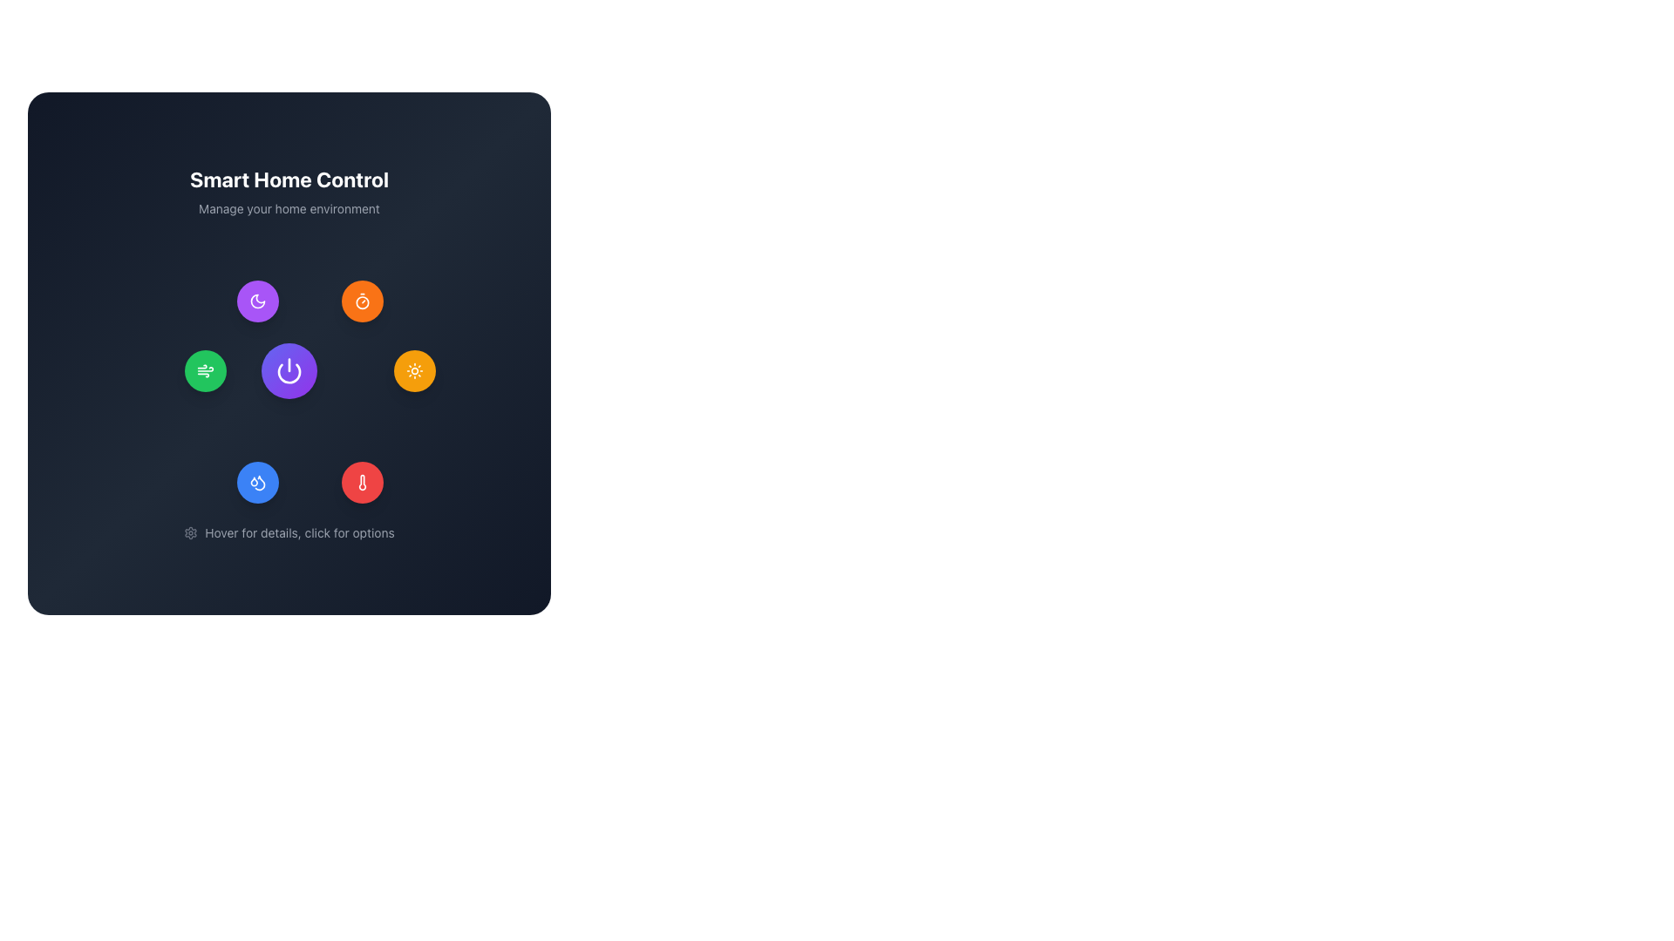  What do you see at coordinates (362, 301) in the screenshot?
I see `the circular orange button with a white timer symbol located in the top-right area of the icon arrangement` at bounding box center [362, 301].